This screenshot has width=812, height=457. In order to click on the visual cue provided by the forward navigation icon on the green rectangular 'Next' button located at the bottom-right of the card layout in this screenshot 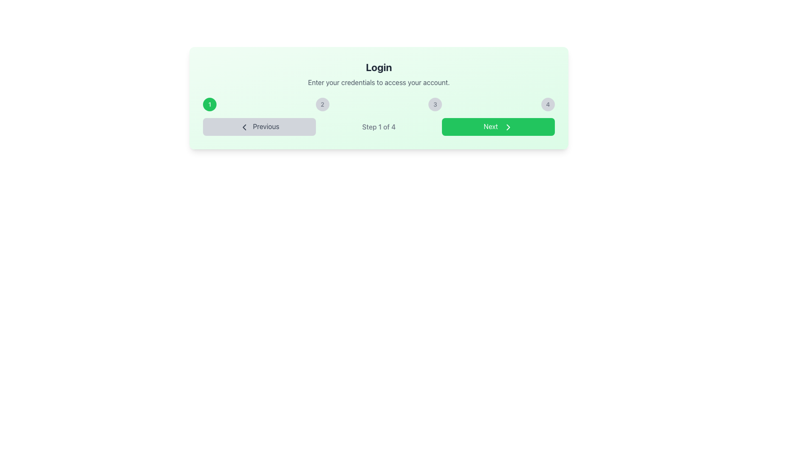, I will do `click(507, 127)`.